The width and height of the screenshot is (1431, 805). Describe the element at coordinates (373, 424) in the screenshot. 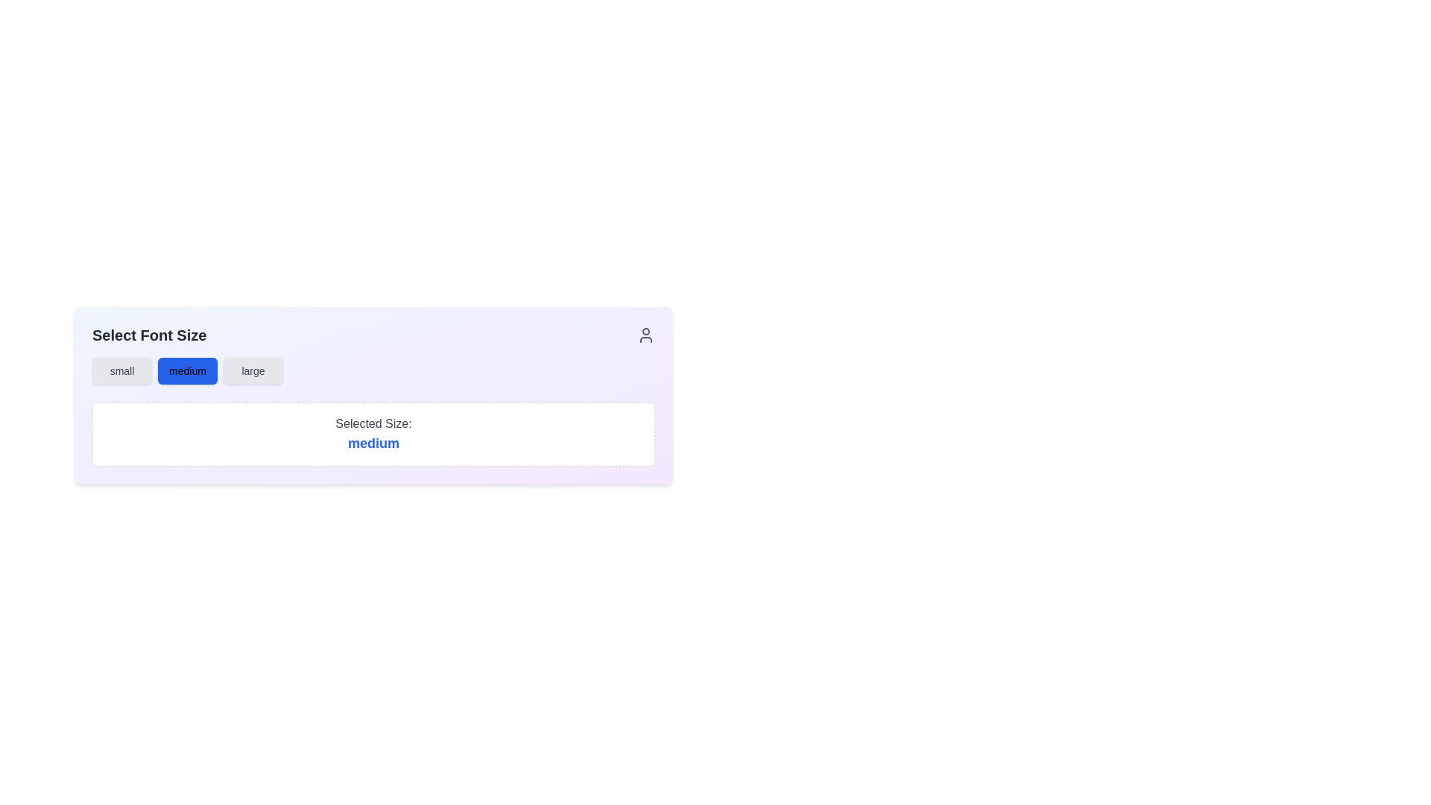

I see `the text label indicating 'Selected Size' which is positioned above the selected value 'medium'` at that location.